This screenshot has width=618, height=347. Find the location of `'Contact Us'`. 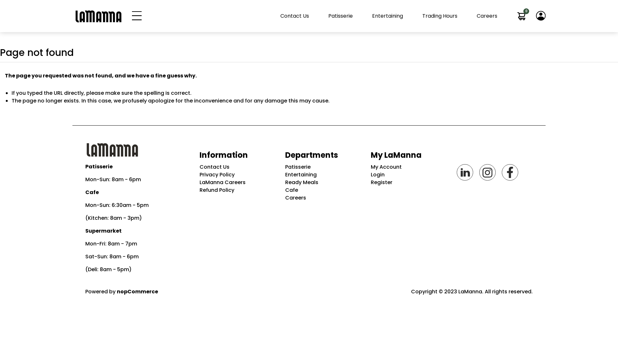

'Contact Us' is located at coordinates (277, 16).